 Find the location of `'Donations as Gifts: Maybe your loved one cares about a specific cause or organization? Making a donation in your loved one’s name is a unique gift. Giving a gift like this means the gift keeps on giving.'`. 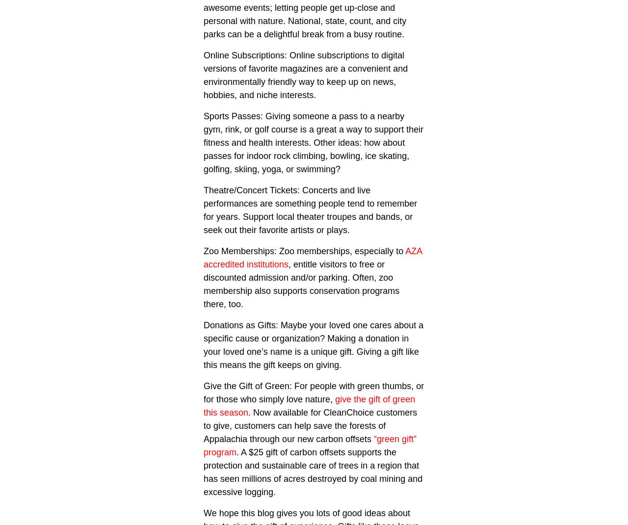

'Donations as Gifts: Maybe your loved one cares about a specific cause or organization? Making a donation in your loved one’s name is a unique gift. Giving a gift like this means the gift keeps on giving.' is located at coordinates (313, 345).